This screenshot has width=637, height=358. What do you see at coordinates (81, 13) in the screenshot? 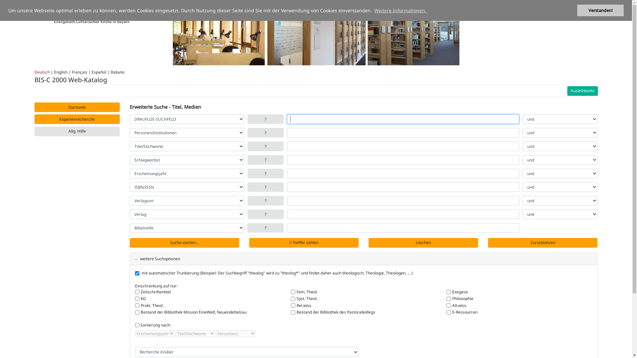
I see `'AHS - Bibliothek'` at bounding box center [81, 13].